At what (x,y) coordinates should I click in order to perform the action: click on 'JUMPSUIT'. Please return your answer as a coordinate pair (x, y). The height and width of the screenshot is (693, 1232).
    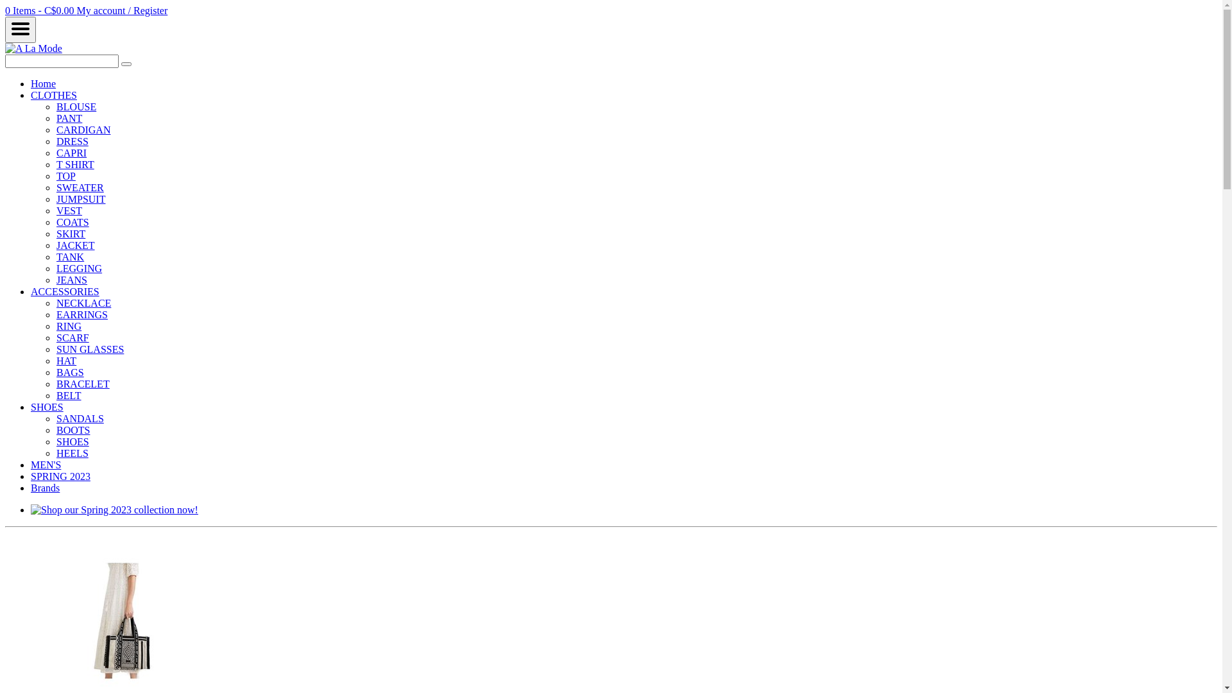
    Looking at the image, I should click on (55, 199).